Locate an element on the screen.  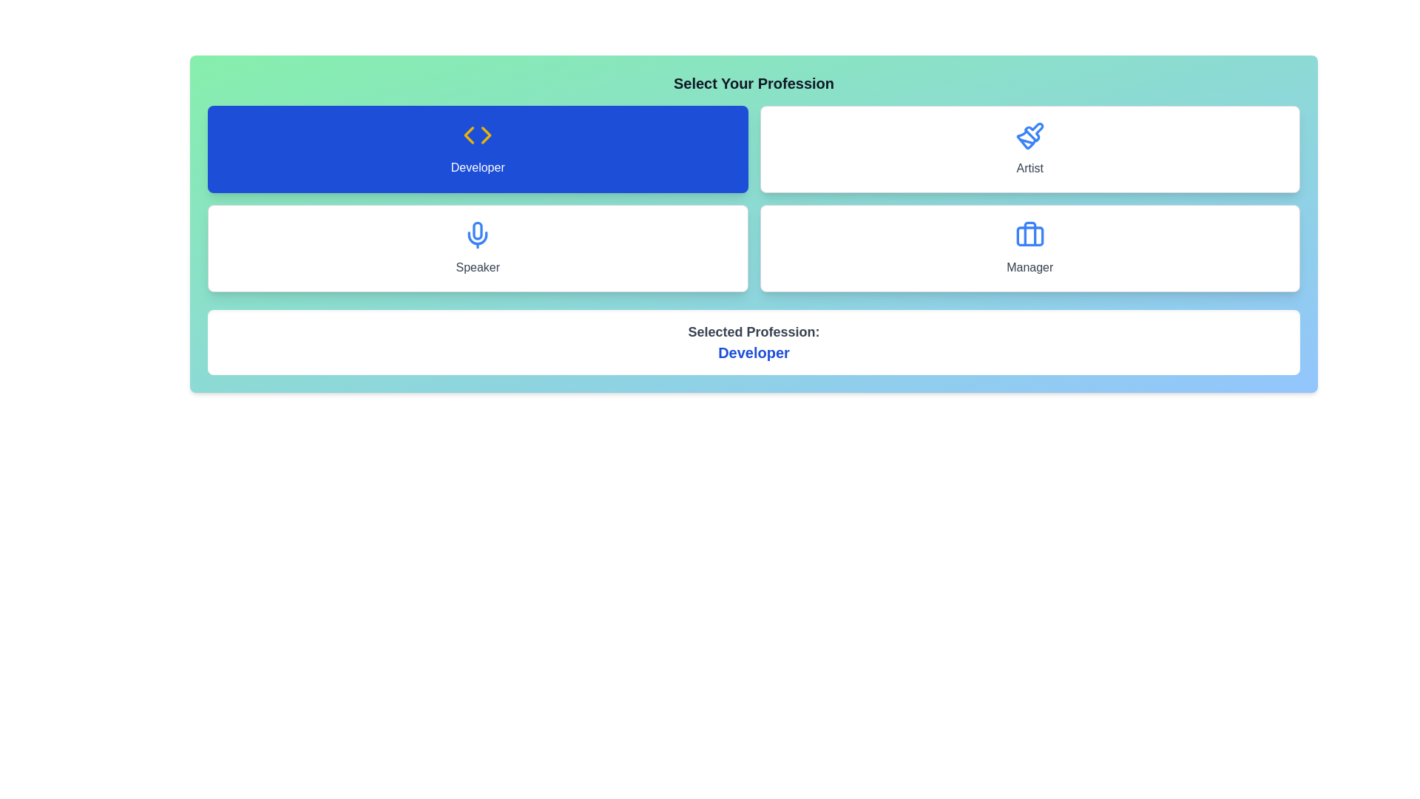
the profession Speaker by clicking its corresponding button is located at coordinates (478, 247).